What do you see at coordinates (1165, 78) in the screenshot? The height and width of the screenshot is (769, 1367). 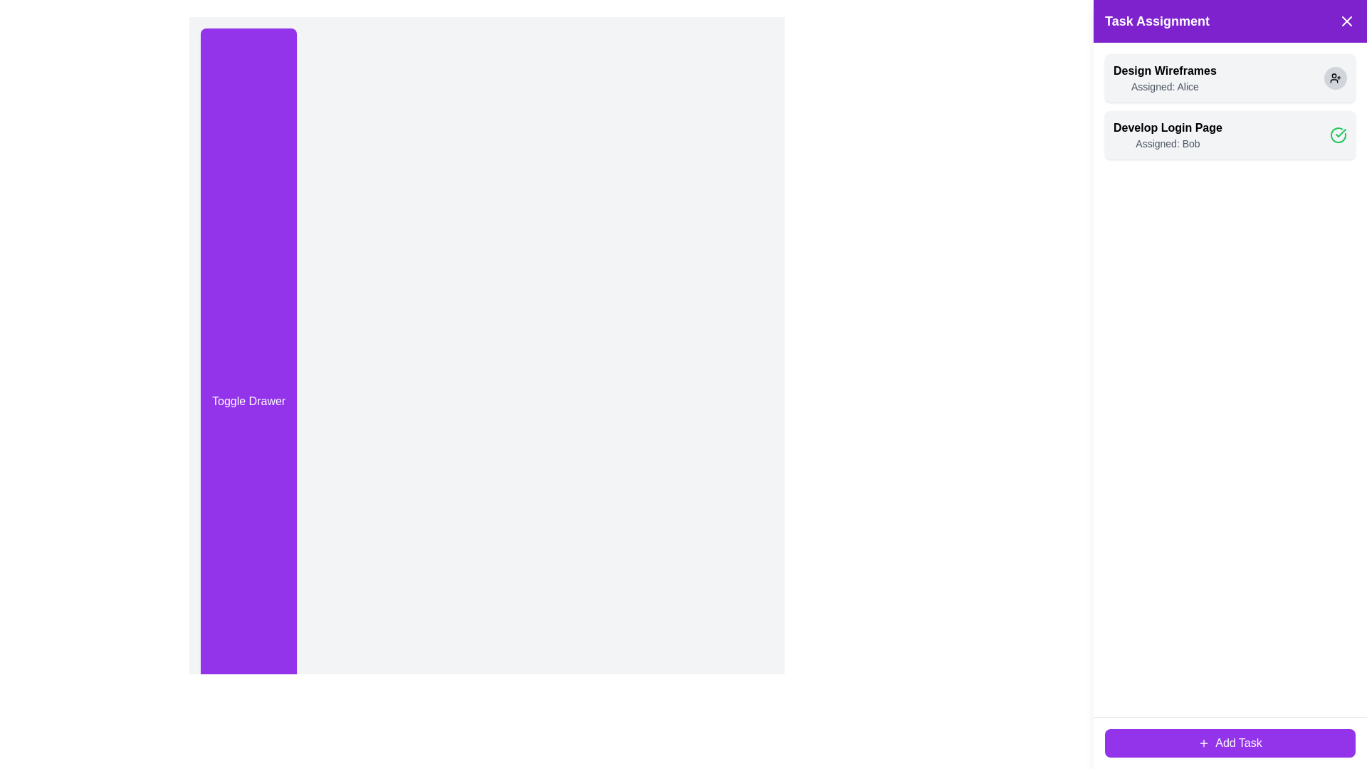 I see `the task preview card titled 'Design Wireframes' assigned` at bounding box center [1165, 78].